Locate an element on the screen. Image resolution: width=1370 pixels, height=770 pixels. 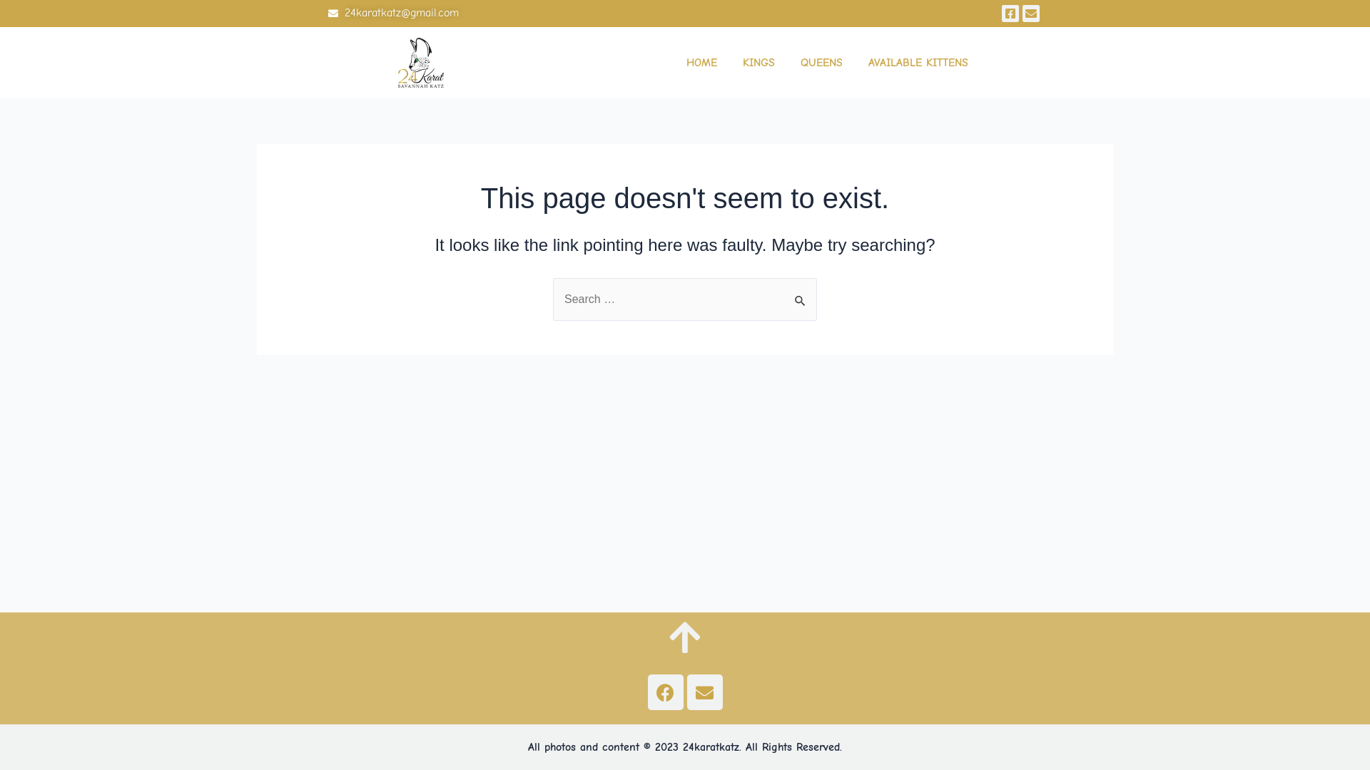
'KINGS' is located at coordinates (736, 62).